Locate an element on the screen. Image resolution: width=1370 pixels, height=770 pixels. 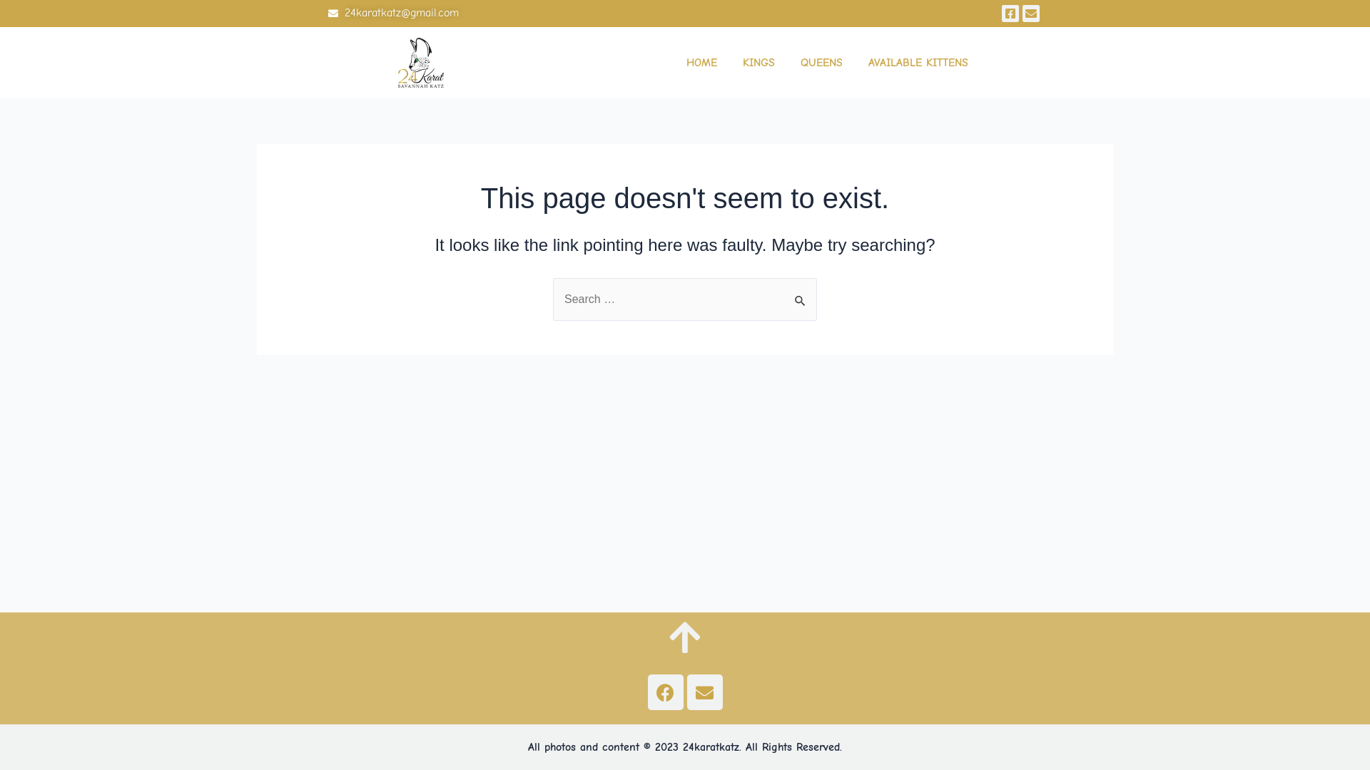
'KINGS' is located at coordinates (736, 62).